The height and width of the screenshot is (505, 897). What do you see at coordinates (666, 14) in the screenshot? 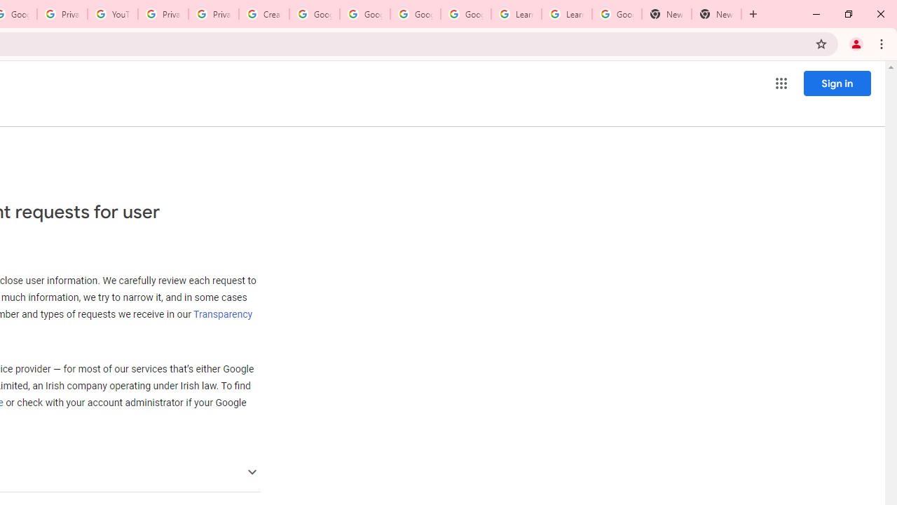
I see `'New Tab'` at bounding box center [666, 14].